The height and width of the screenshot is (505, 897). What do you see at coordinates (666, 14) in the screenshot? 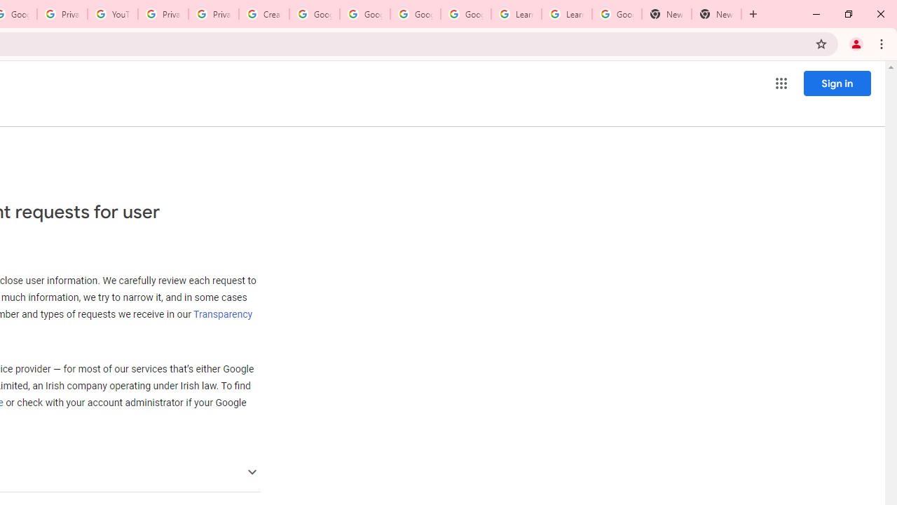
I see `'New Tab'` at bounding box center [666, 14].